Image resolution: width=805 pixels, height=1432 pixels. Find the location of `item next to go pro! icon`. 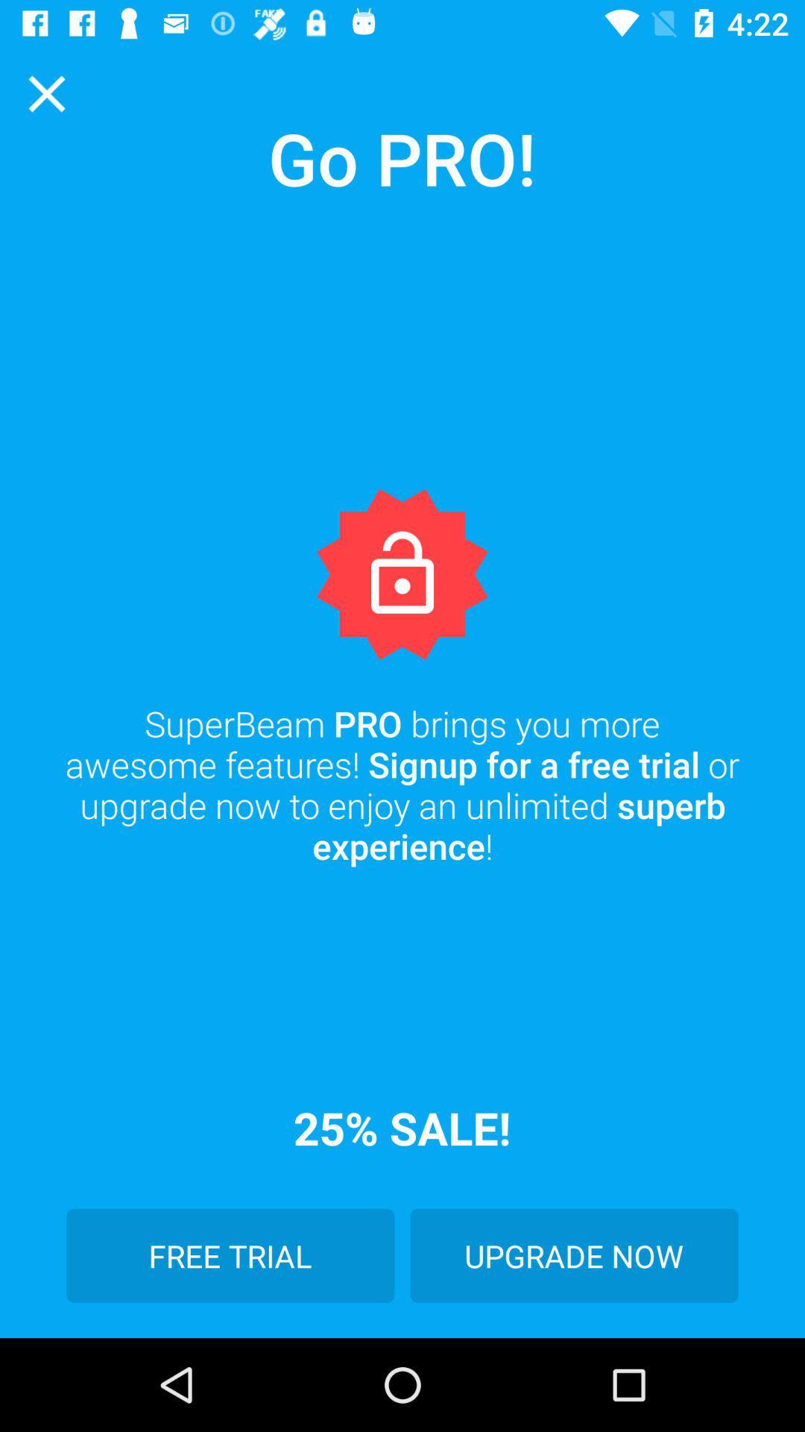

item next to go pro! icon is located at coordinates (45, 92).